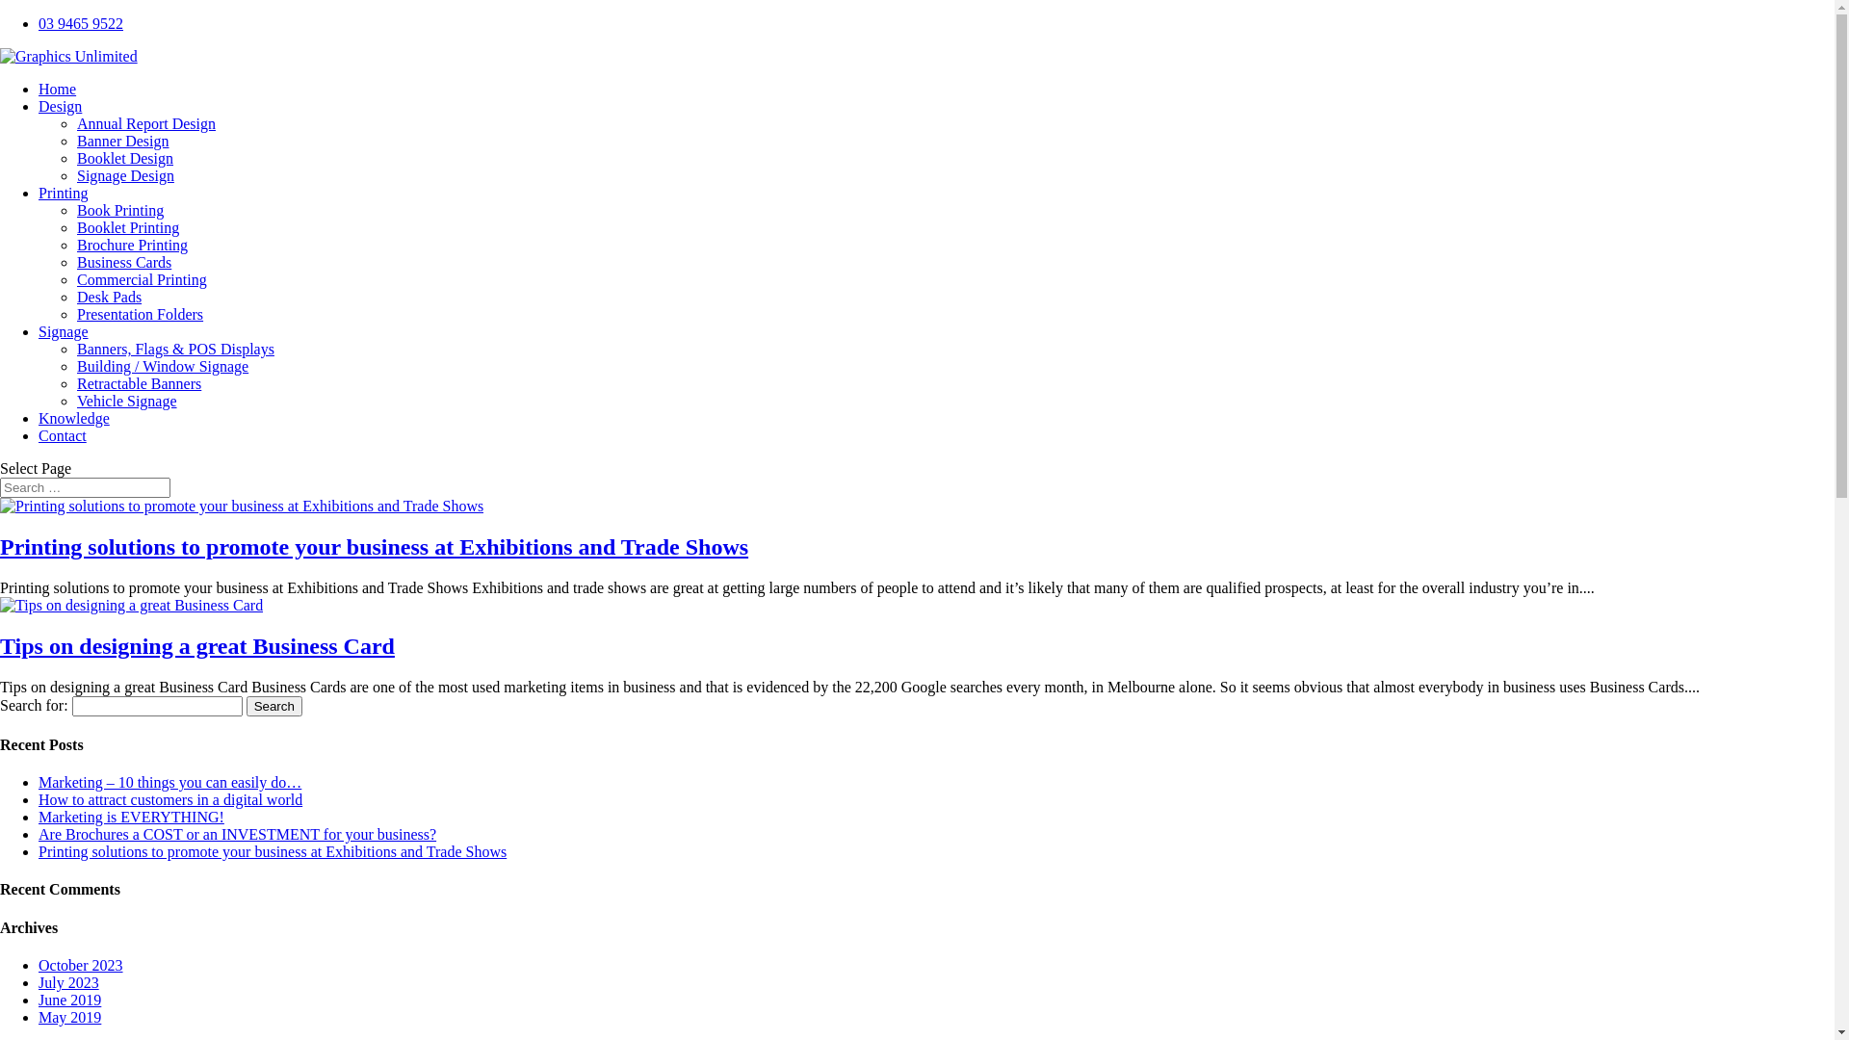 This screenshot has width=1849, height=1040. I want to click on 'Booklet Design', so click(77, 157).